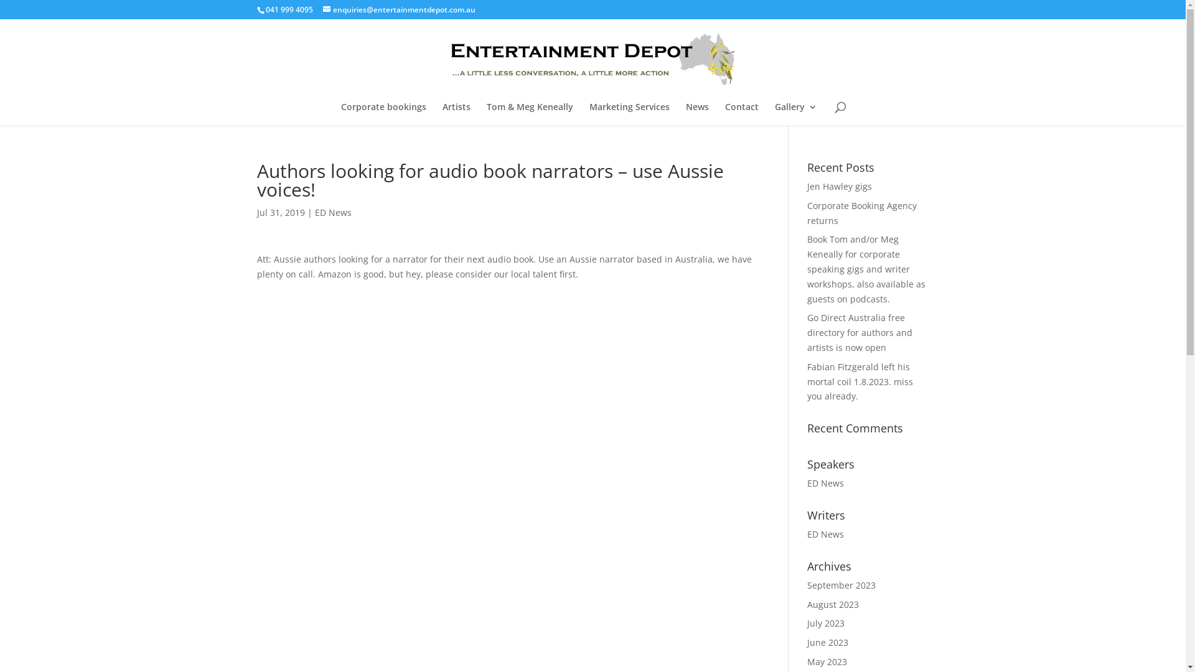 The image size is (1195, 672). What do you see at coordinates (833, 604) in the screenshot?
I see `'August 2023'` at bounding box center [833, 604].